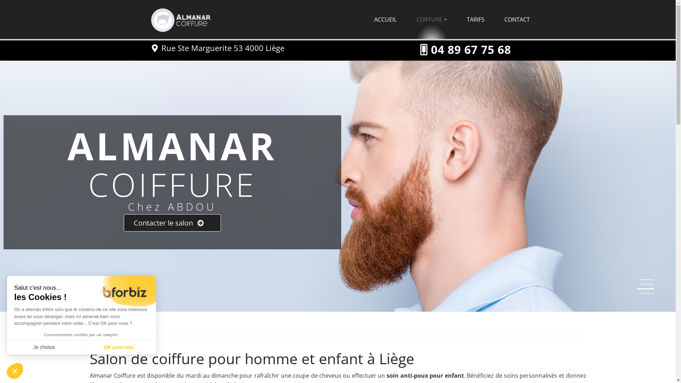  I want to click on 'CONTACT', so click(517, 19).